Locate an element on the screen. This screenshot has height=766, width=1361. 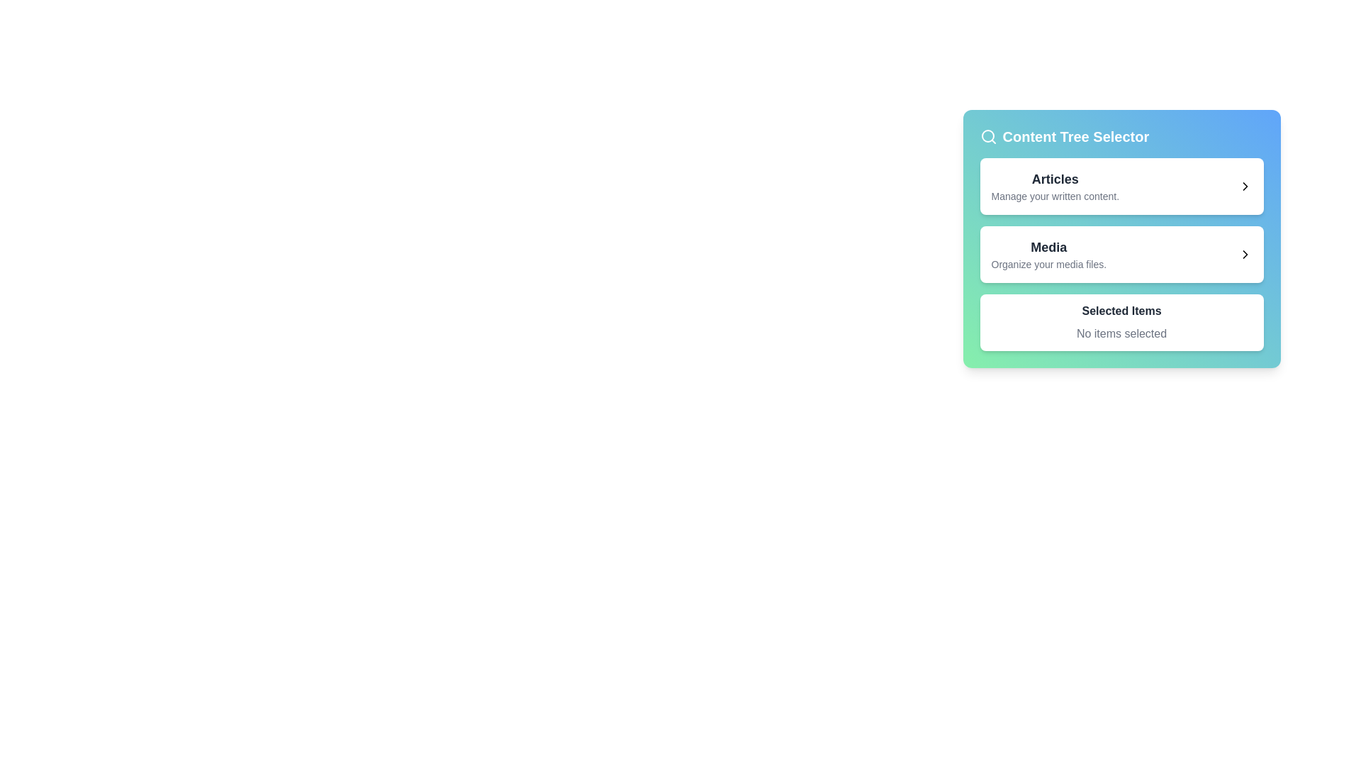
the header label located in the middle-right portion of the interface is located at coordinates (1048, 246).